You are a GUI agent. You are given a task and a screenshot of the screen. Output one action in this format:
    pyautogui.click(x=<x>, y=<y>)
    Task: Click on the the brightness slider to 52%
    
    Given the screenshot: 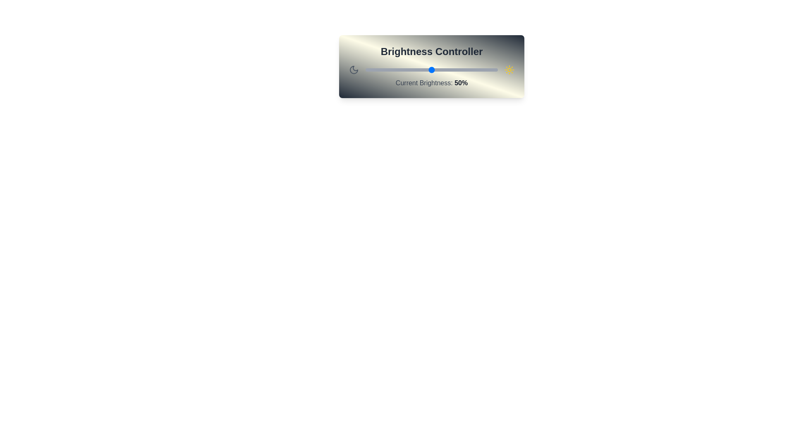 What is the action you would take?
    pyautogui.click(x=434, y=70)
    